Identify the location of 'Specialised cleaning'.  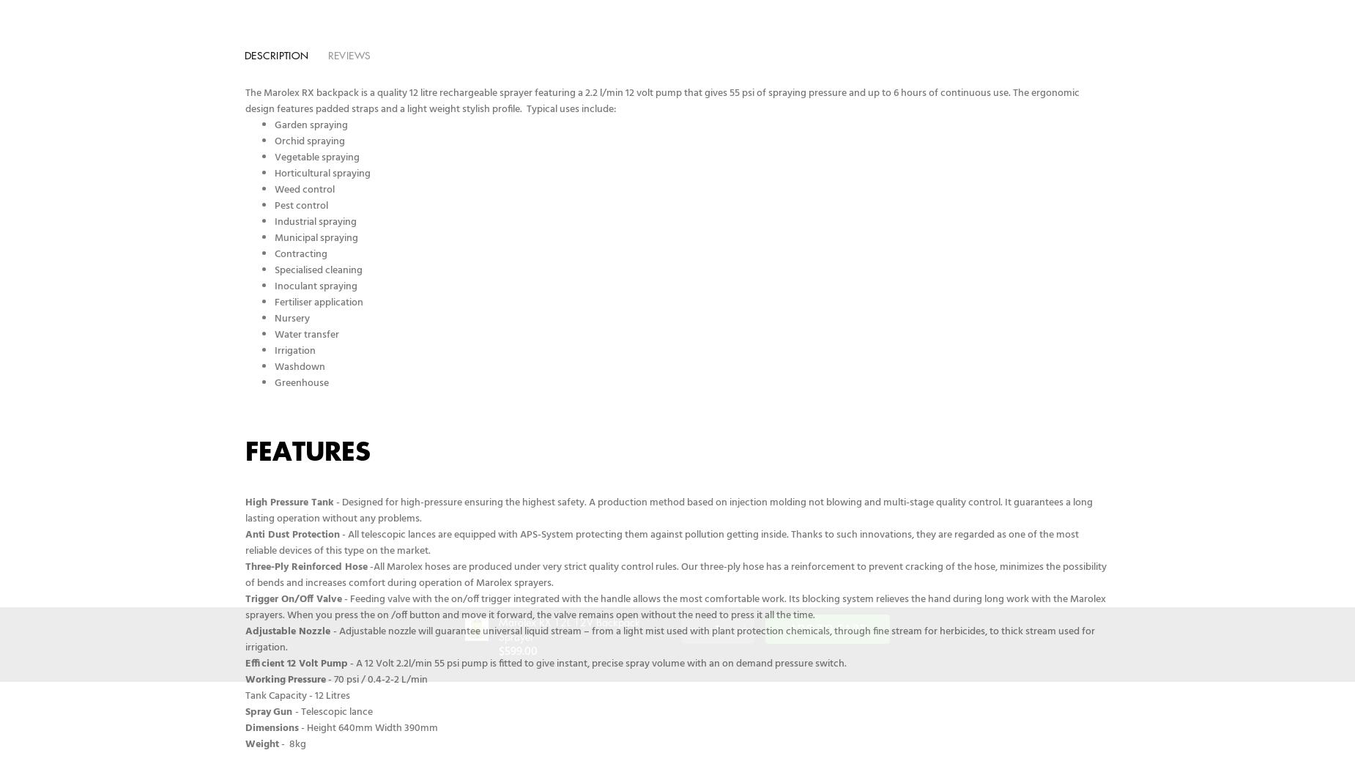
(273, 270).